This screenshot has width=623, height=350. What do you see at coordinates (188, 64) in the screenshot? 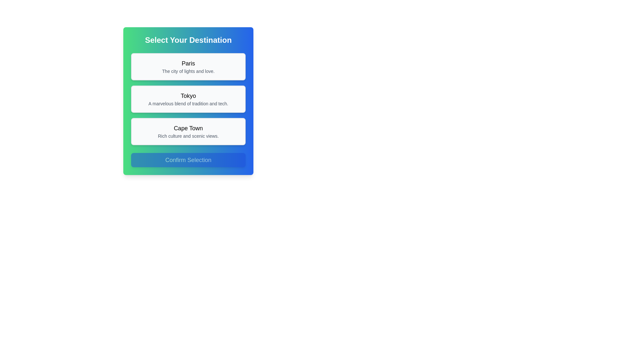
I see `the text label identifying the destination 'Paris' which is positioned above another text element in the application interface` at bounding box center [188, 64].